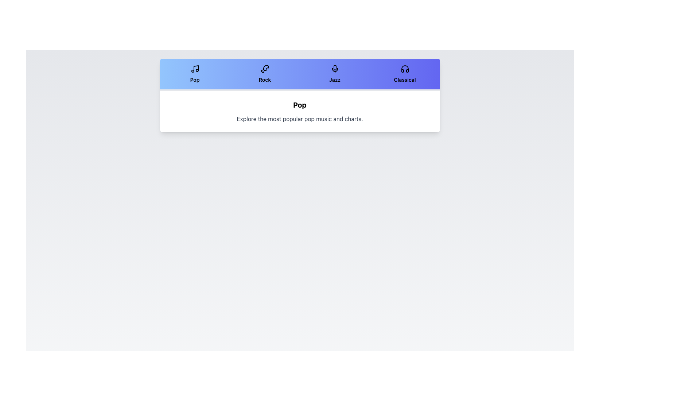  What do you see at coordinates (264, 69) in the screenshot?
I see `the Rock music category icon located in the navigation bar, which is the second icon from the left and positioned above the label that reads 'Rock'` at bounding box center [264, 69].